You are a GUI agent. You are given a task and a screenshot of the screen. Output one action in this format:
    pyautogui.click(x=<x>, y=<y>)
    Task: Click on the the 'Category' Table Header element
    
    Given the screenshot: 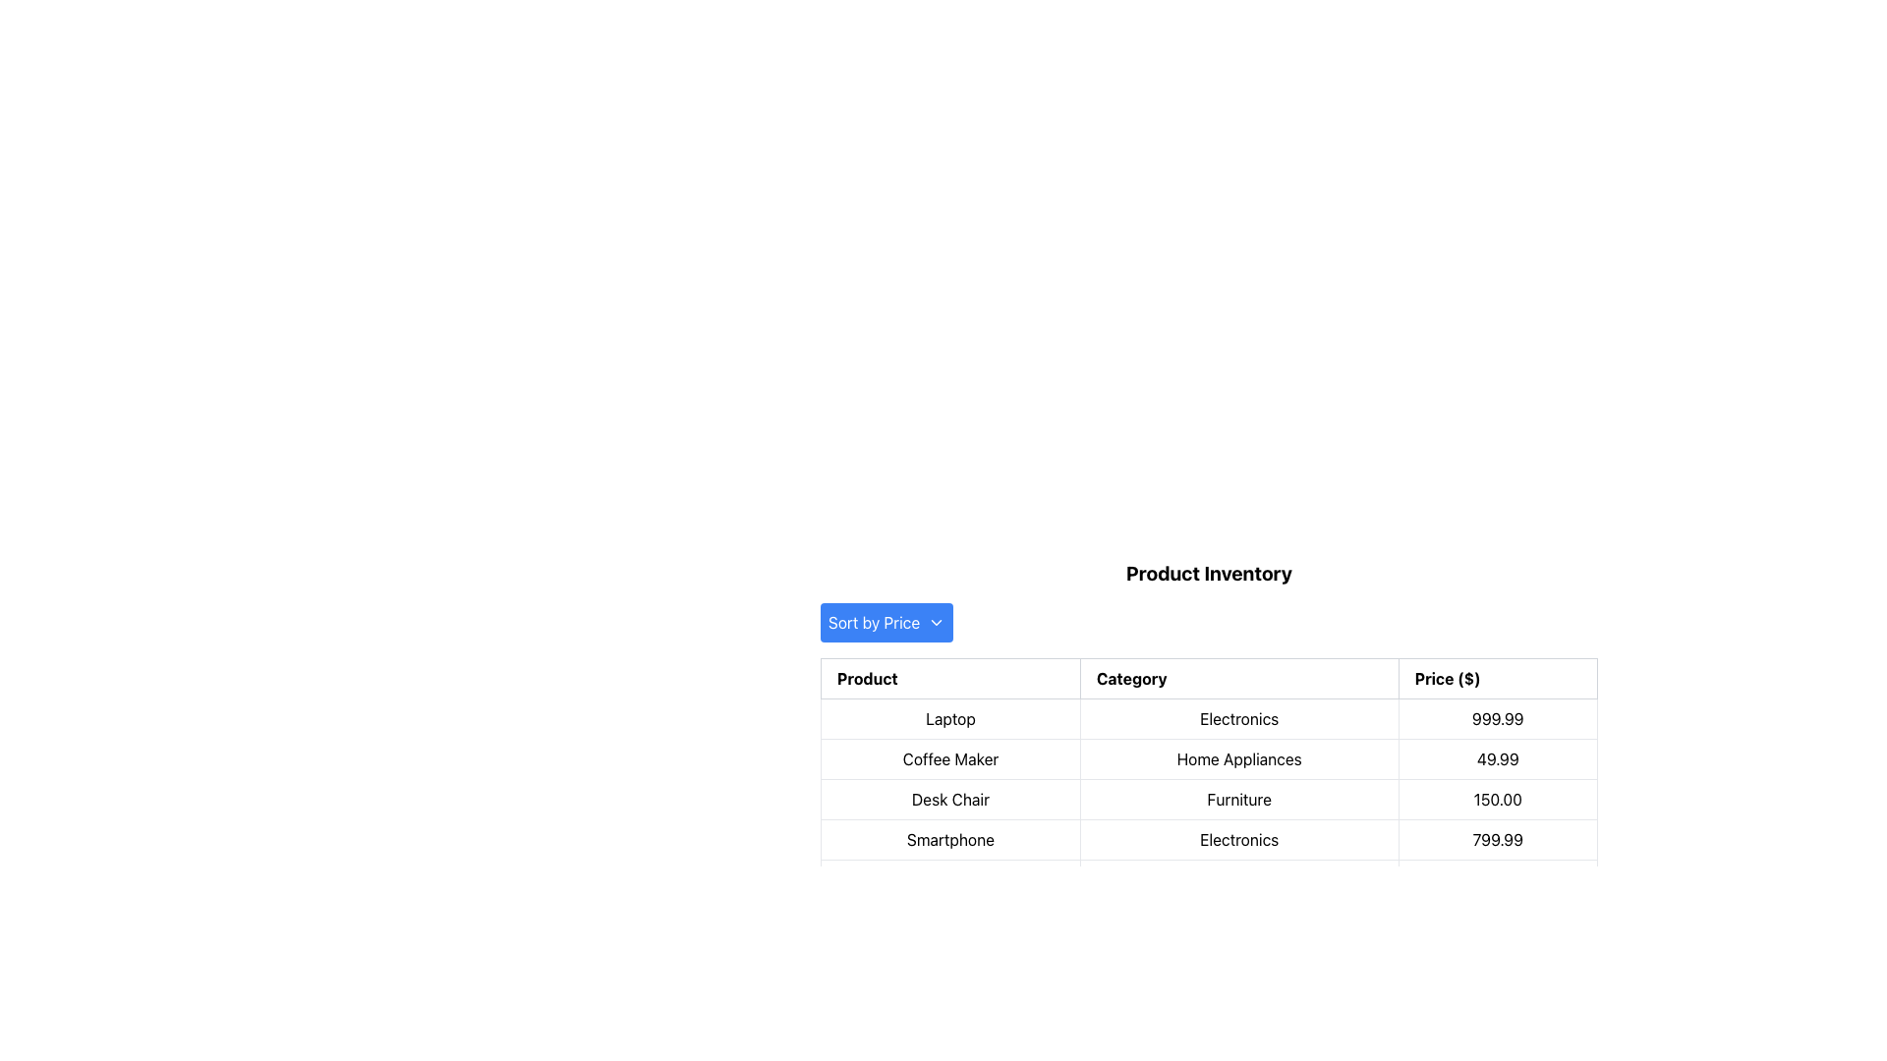 What is the action you would take?
    pyautogui.click(x=1238, y=677)
    